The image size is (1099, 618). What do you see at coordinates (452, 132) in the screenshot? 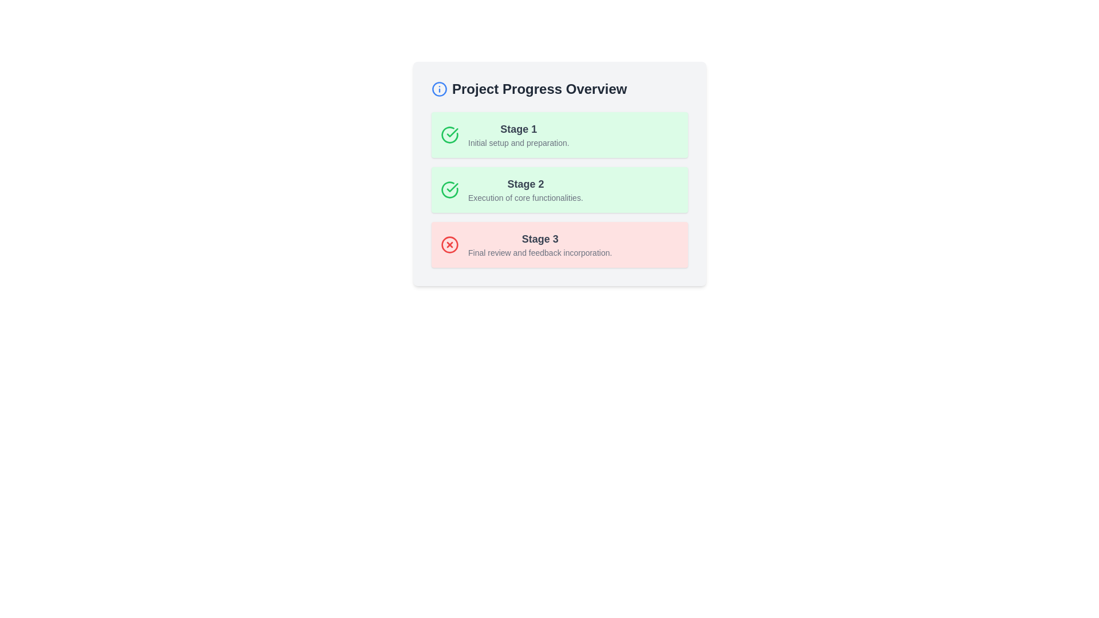
I see `the success indicator SVG graphic located in the second row of the progress indicator panel, near the text 'Stage 2: Execution of core functionalities.'` at bounding box center [452, 132].